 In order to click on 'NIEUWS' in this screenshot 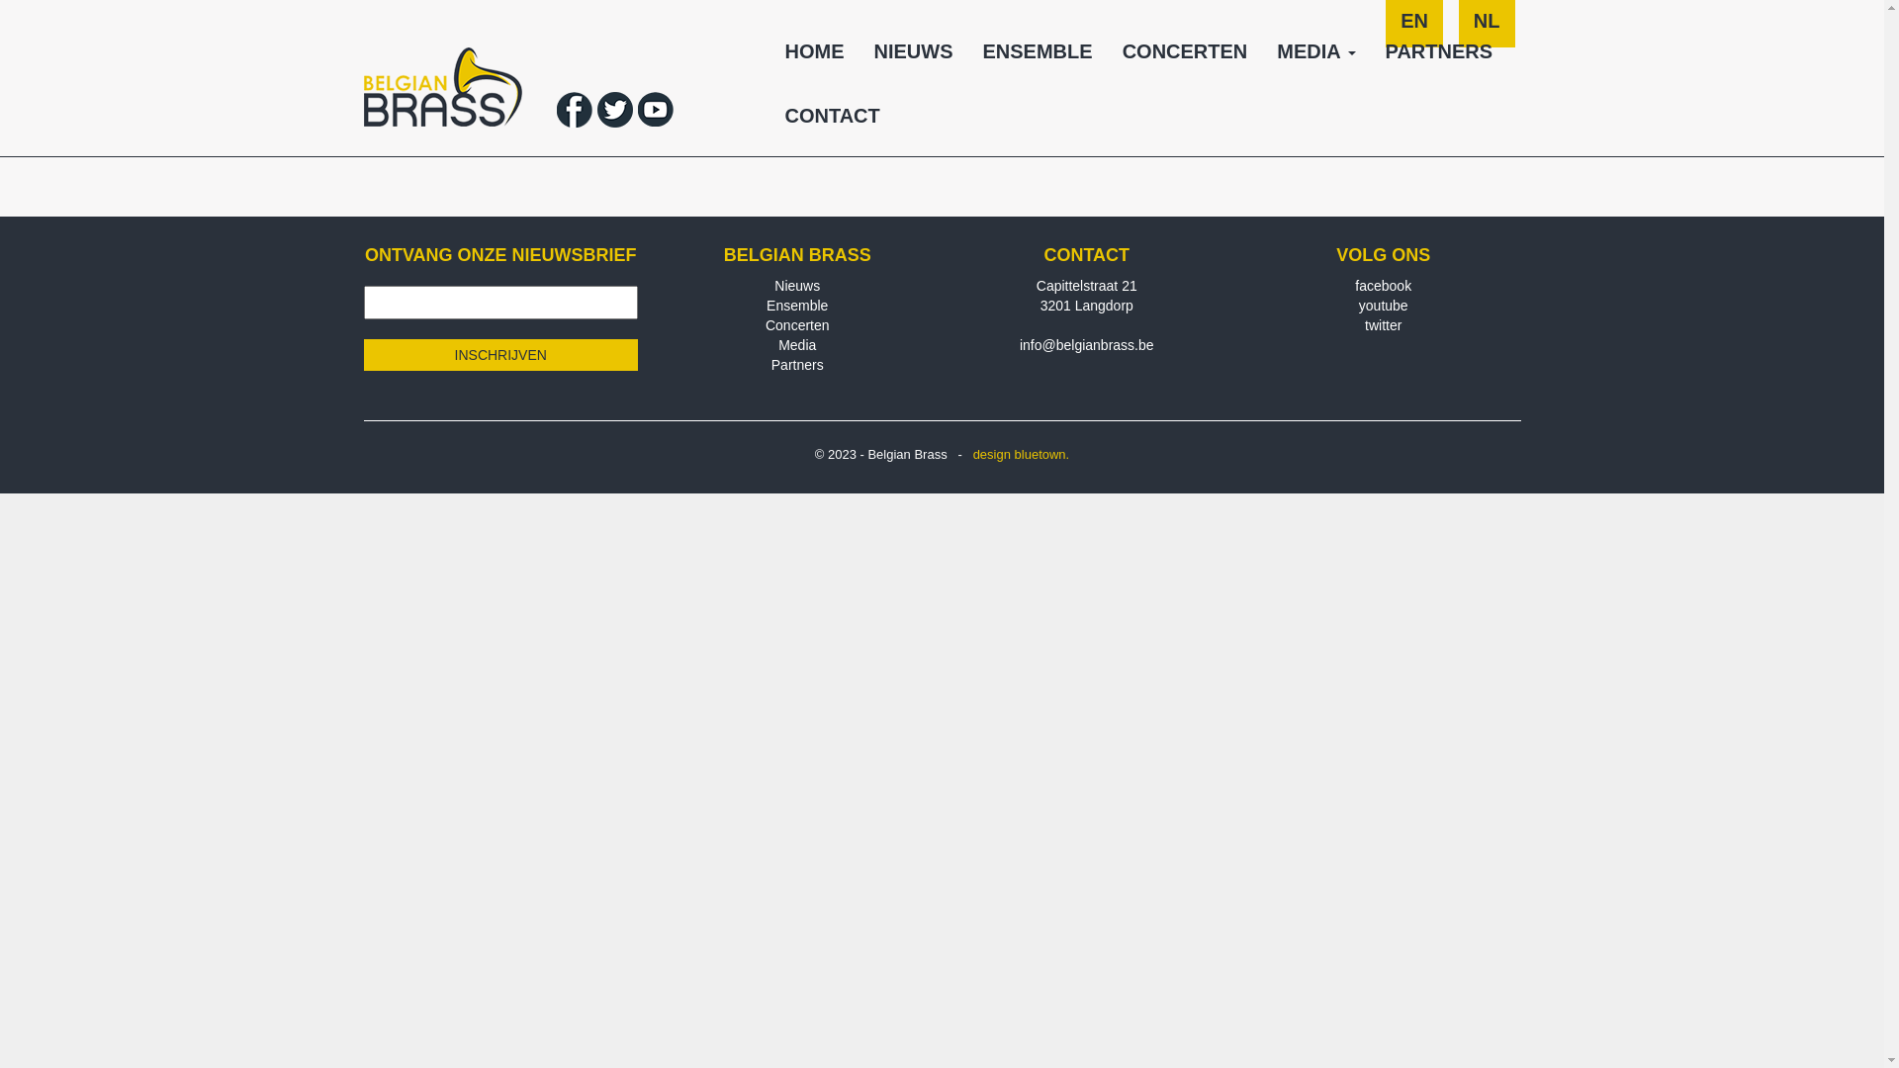, I will do `click(911, 57)`.